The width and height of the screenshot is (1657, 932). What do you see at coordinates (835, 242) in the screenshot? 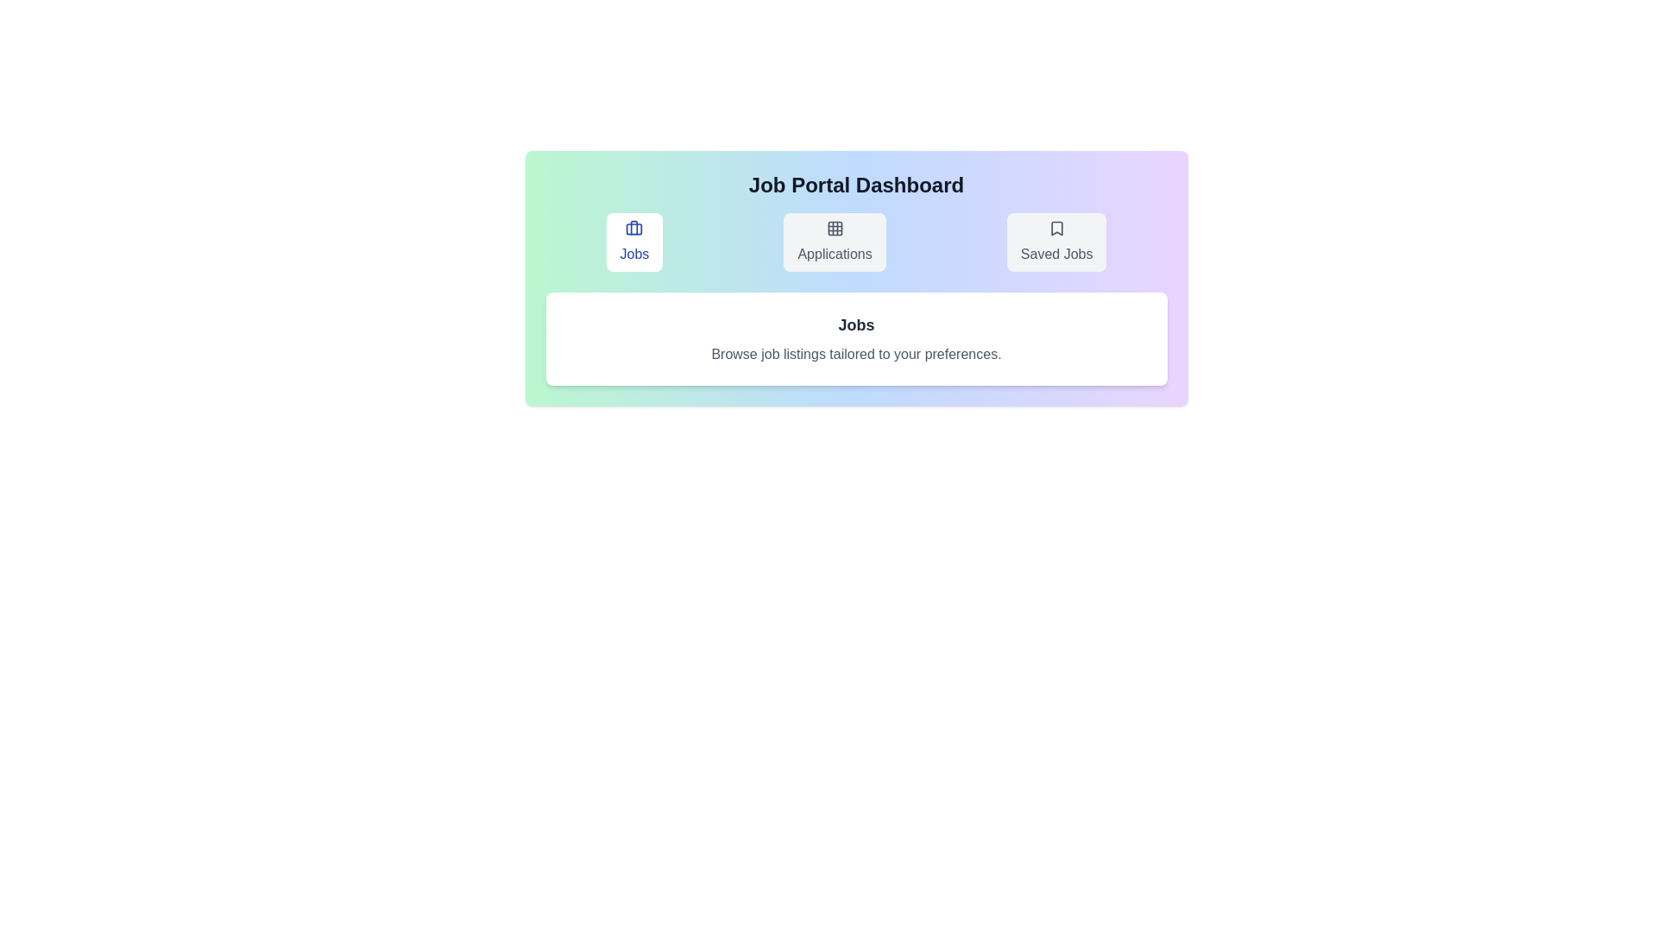
I see `the Applications section by clicking on the corresponding tab` at bounding box center [835, 242].